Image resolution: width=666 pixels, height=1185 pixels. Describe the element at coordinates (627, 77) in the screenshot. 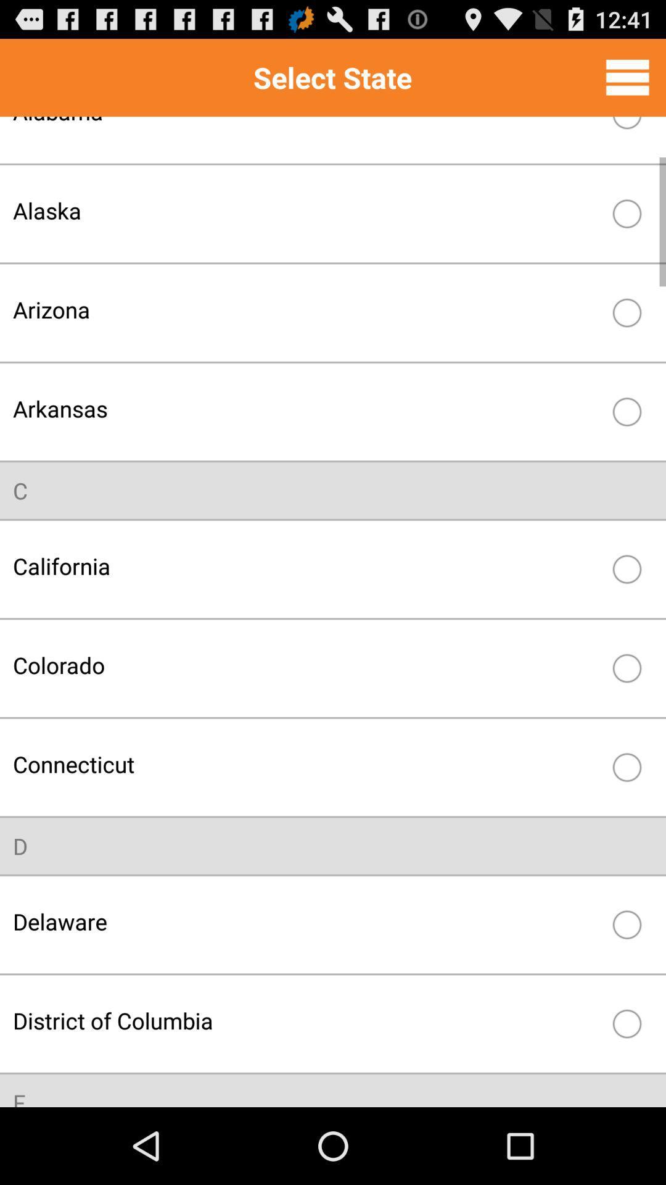

I see `menu options` at that location.